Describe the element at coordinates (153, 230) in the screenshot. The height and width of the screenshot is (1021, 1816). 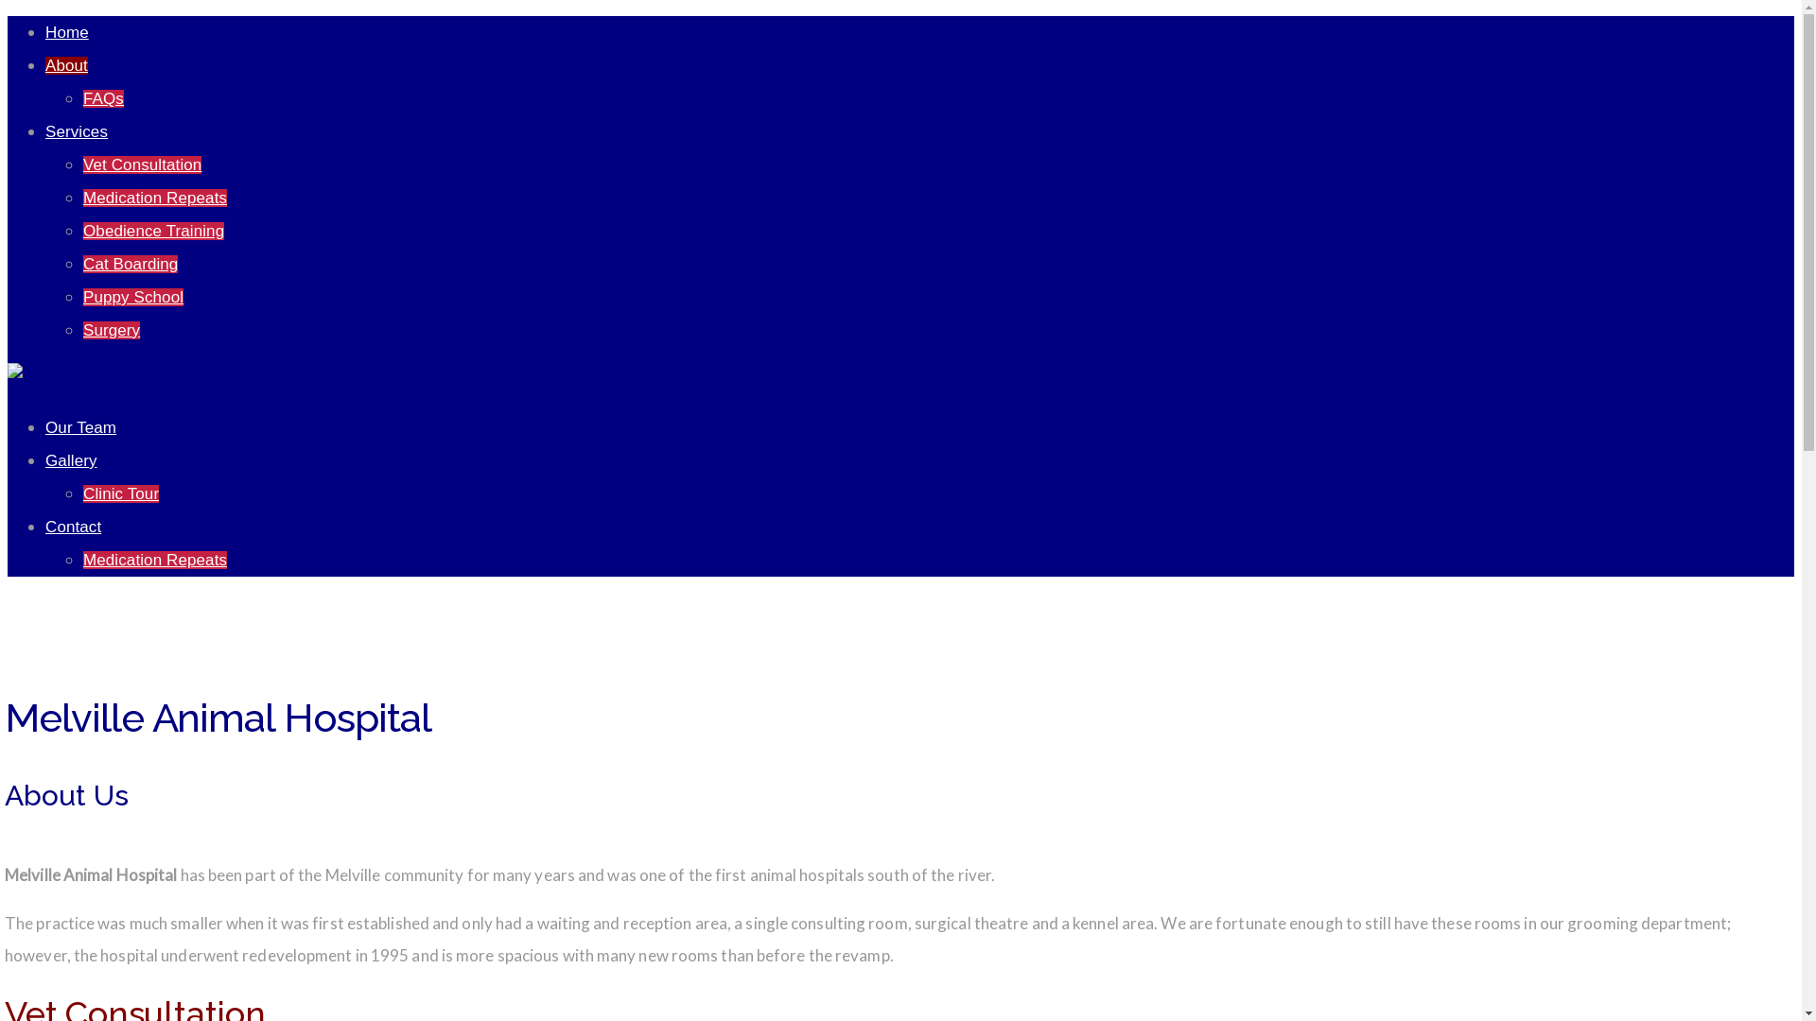
I see `'Obedience Training'` at that location.